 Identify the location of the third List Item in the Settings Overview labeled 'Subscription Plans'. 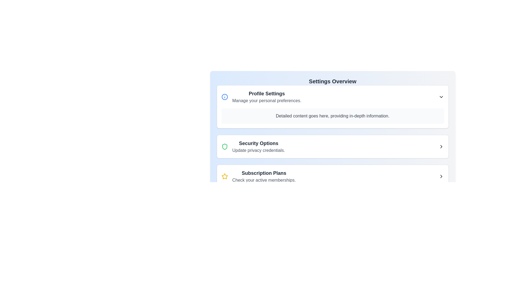
(332, 176).